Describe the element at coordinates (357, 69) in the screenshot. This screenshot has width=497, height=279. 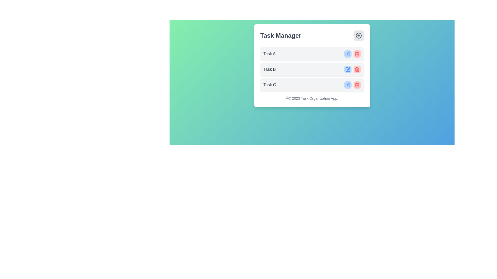
I see `the trash can icon button with a red background located in the second task row of the task manager interface` at that location.